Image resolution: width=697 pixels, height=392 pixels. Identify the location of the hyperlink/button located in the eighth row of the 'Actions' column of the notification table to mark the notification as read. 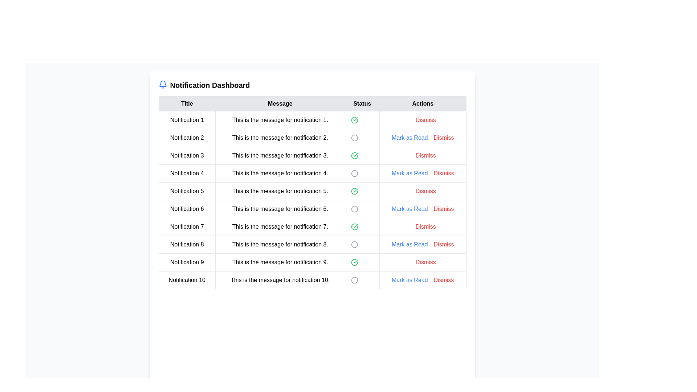
(409, 245).